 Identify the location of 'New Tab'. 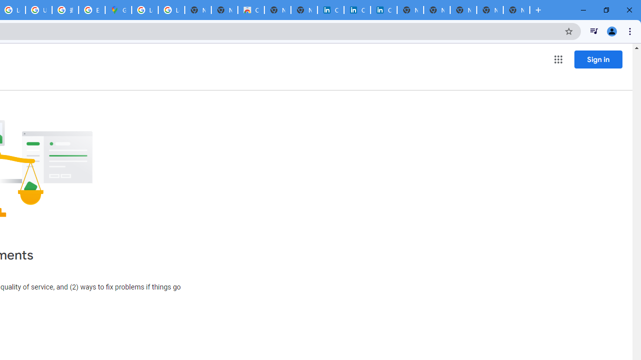
(516, 10).